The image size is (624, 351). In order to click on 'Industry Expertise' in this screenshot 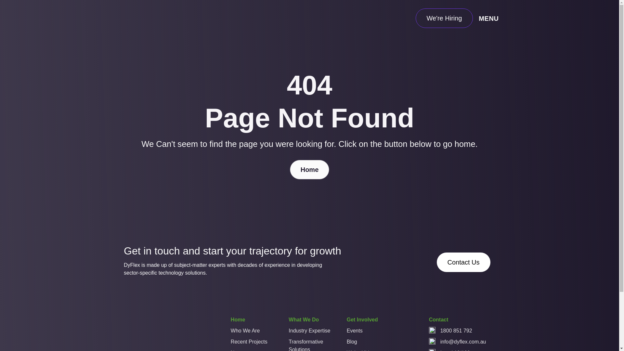, I will do `click(309, 332)`.